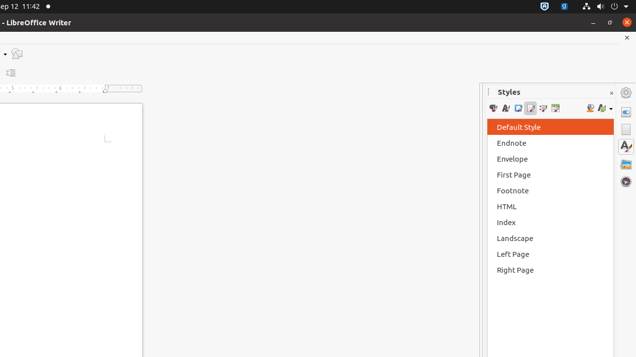  I want to click on 'Gallery', so click(626, 163).